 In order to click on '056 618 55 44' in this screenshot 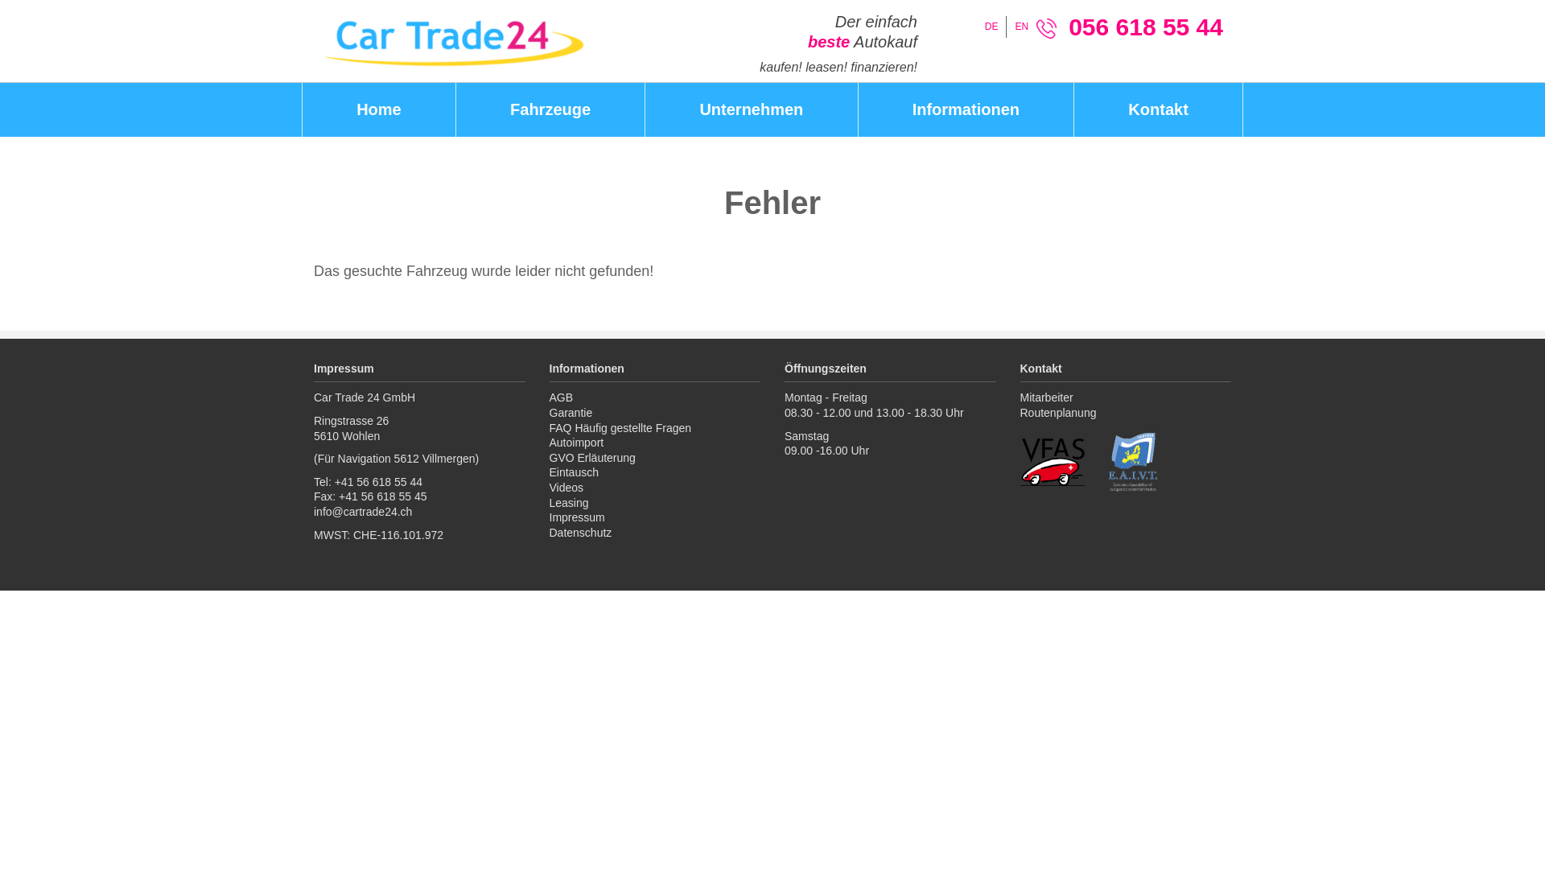, I will do `click(1145, 27)`.